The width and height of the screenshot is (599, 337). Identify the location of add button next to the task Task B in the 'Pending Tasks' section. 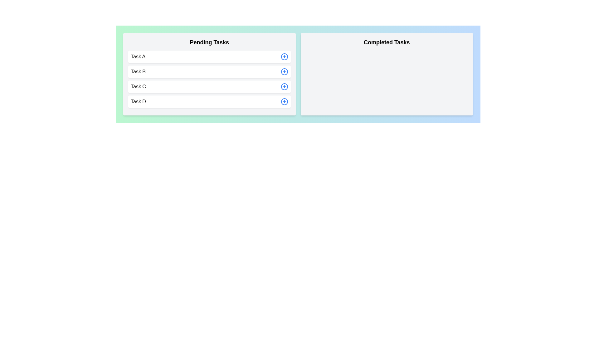
(284, 71).